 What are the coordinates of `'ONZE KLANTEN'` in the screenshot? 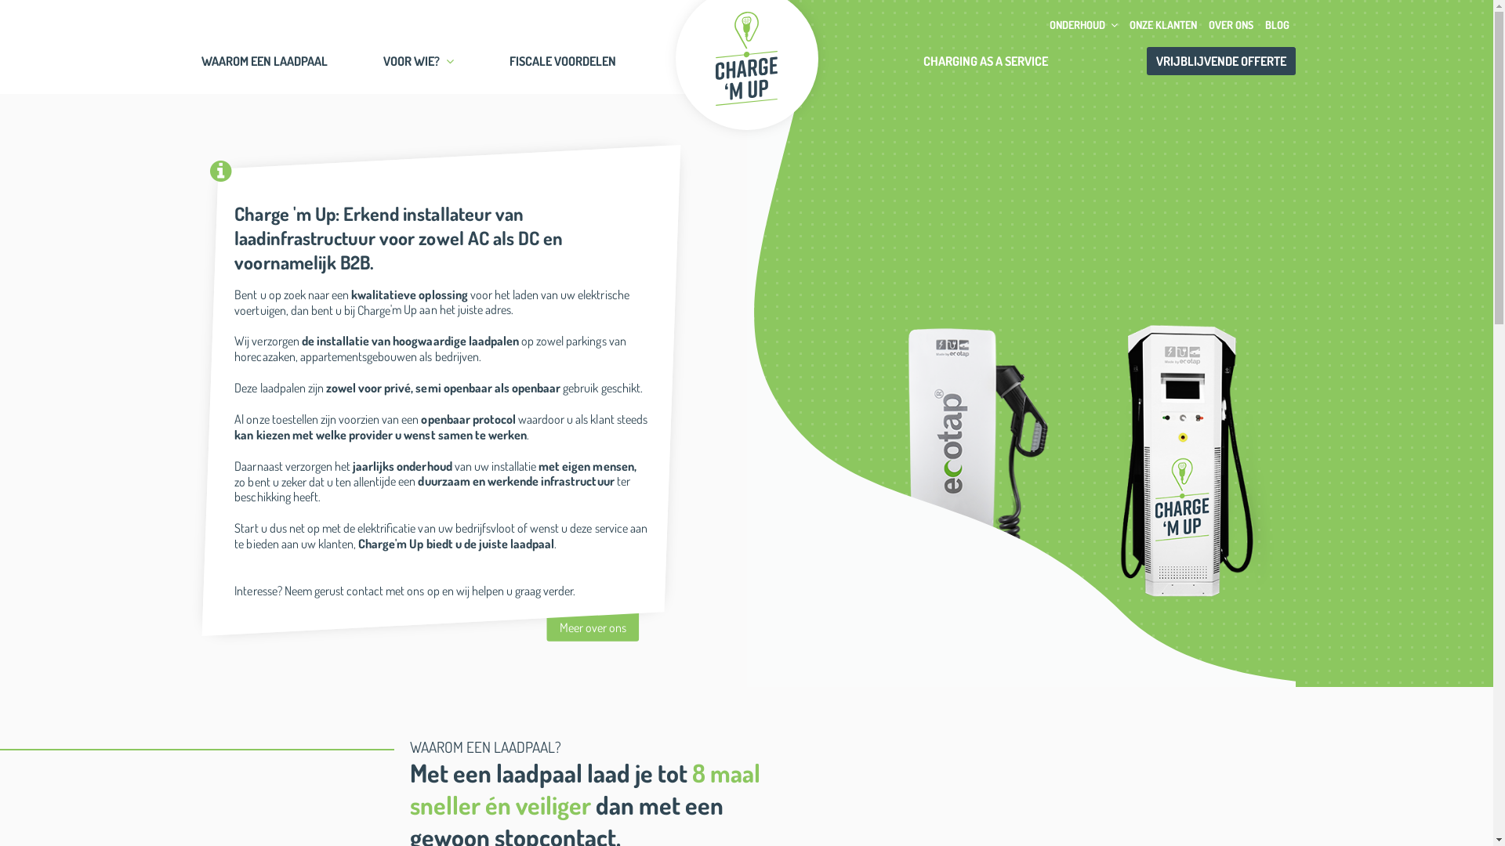 It's located at (1163, 24).